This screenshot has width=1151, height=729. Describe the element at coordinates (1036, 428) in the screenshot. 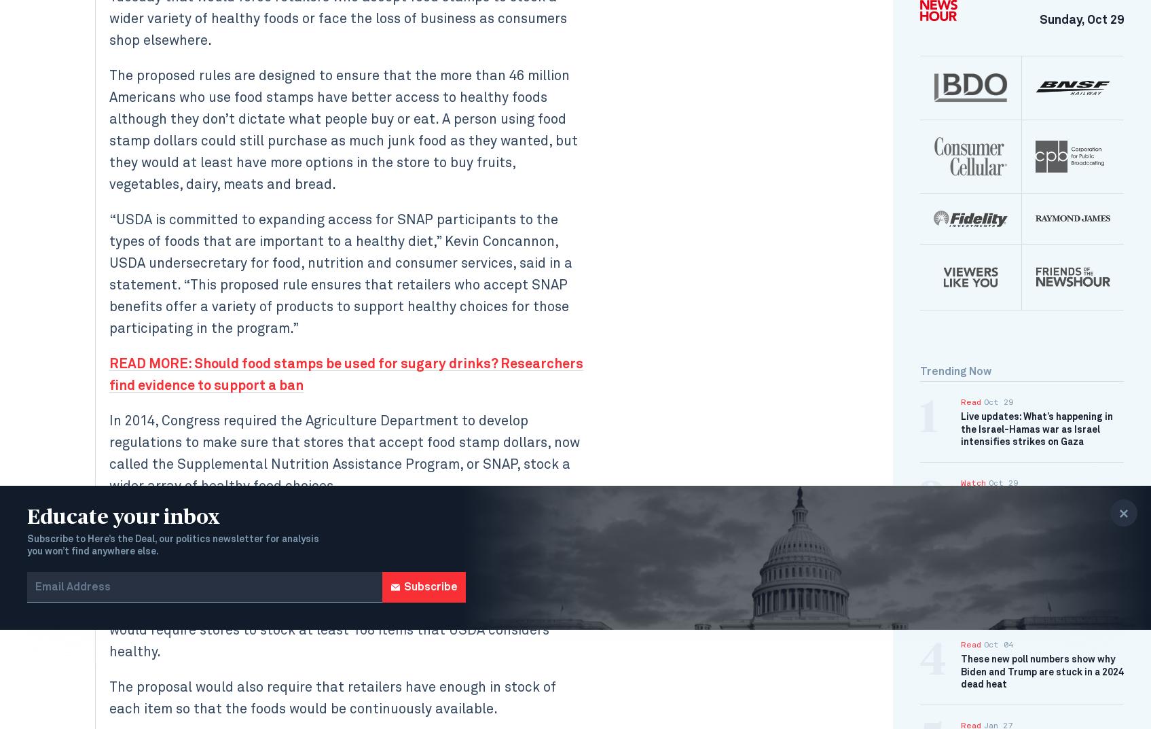

I see `'Live updates: What’s happening in the Israel-Hamas war as Israel intensifies strikes on Gaza'` at that location.